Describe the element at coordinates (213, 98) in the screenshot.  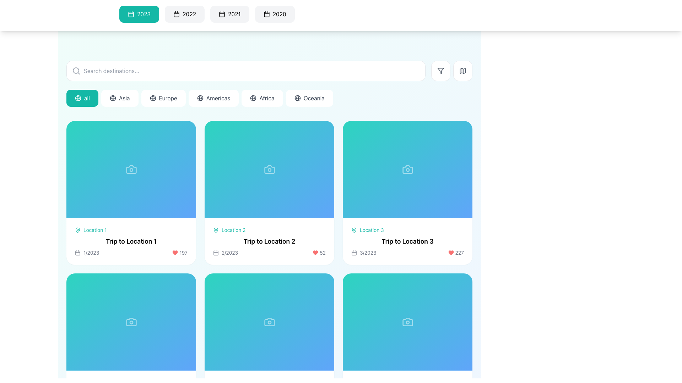
I see `the button that filters content related to the 'Americas' category, positioned fourth in a horizontal list of buttons between 'Europe' and 'Africa'` at that location.